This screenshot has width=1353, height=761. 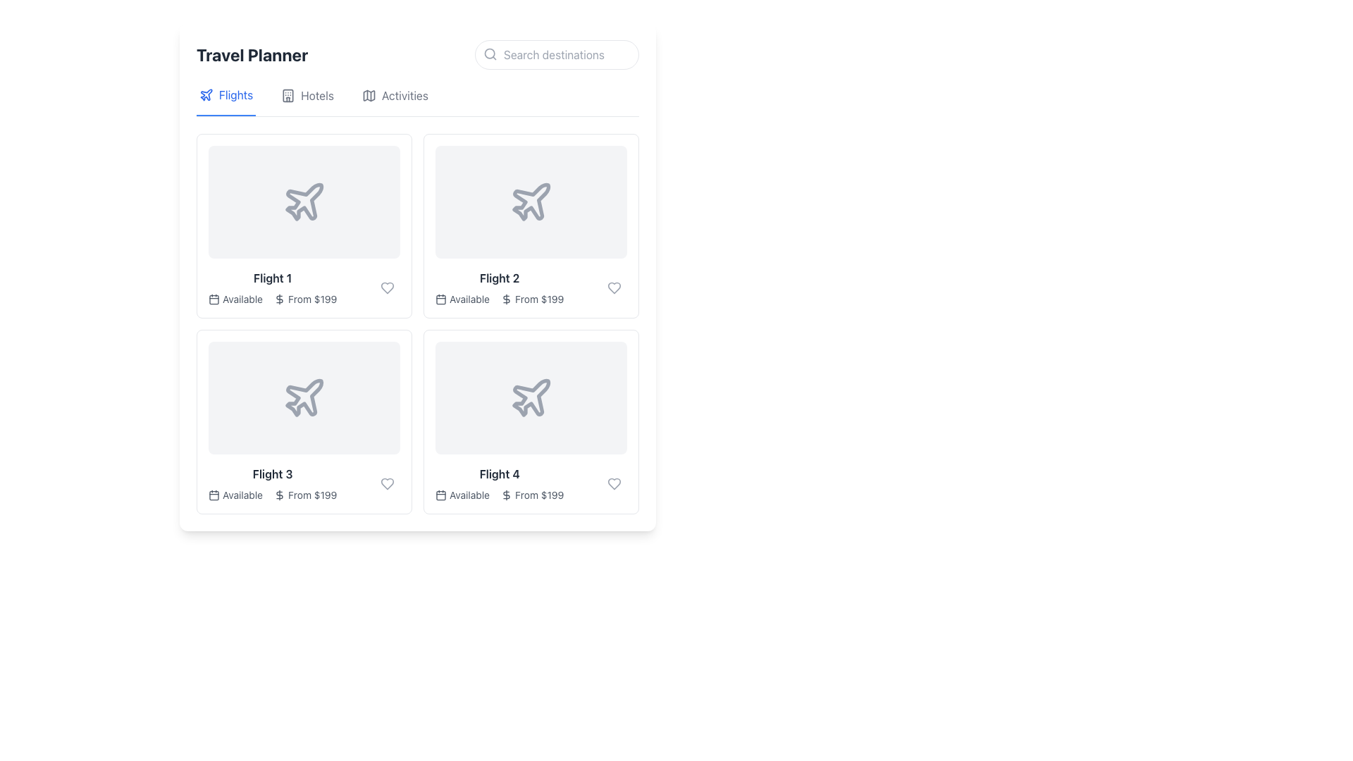 What do you see at coordinates (531, 202) in the screenshot?
I see `the airplane graphic representing 'Flight 2' in the travel planner application, located in the top-right corner of the grid layout, above the 'Flight 2' label` at bounding box center [531, 202].